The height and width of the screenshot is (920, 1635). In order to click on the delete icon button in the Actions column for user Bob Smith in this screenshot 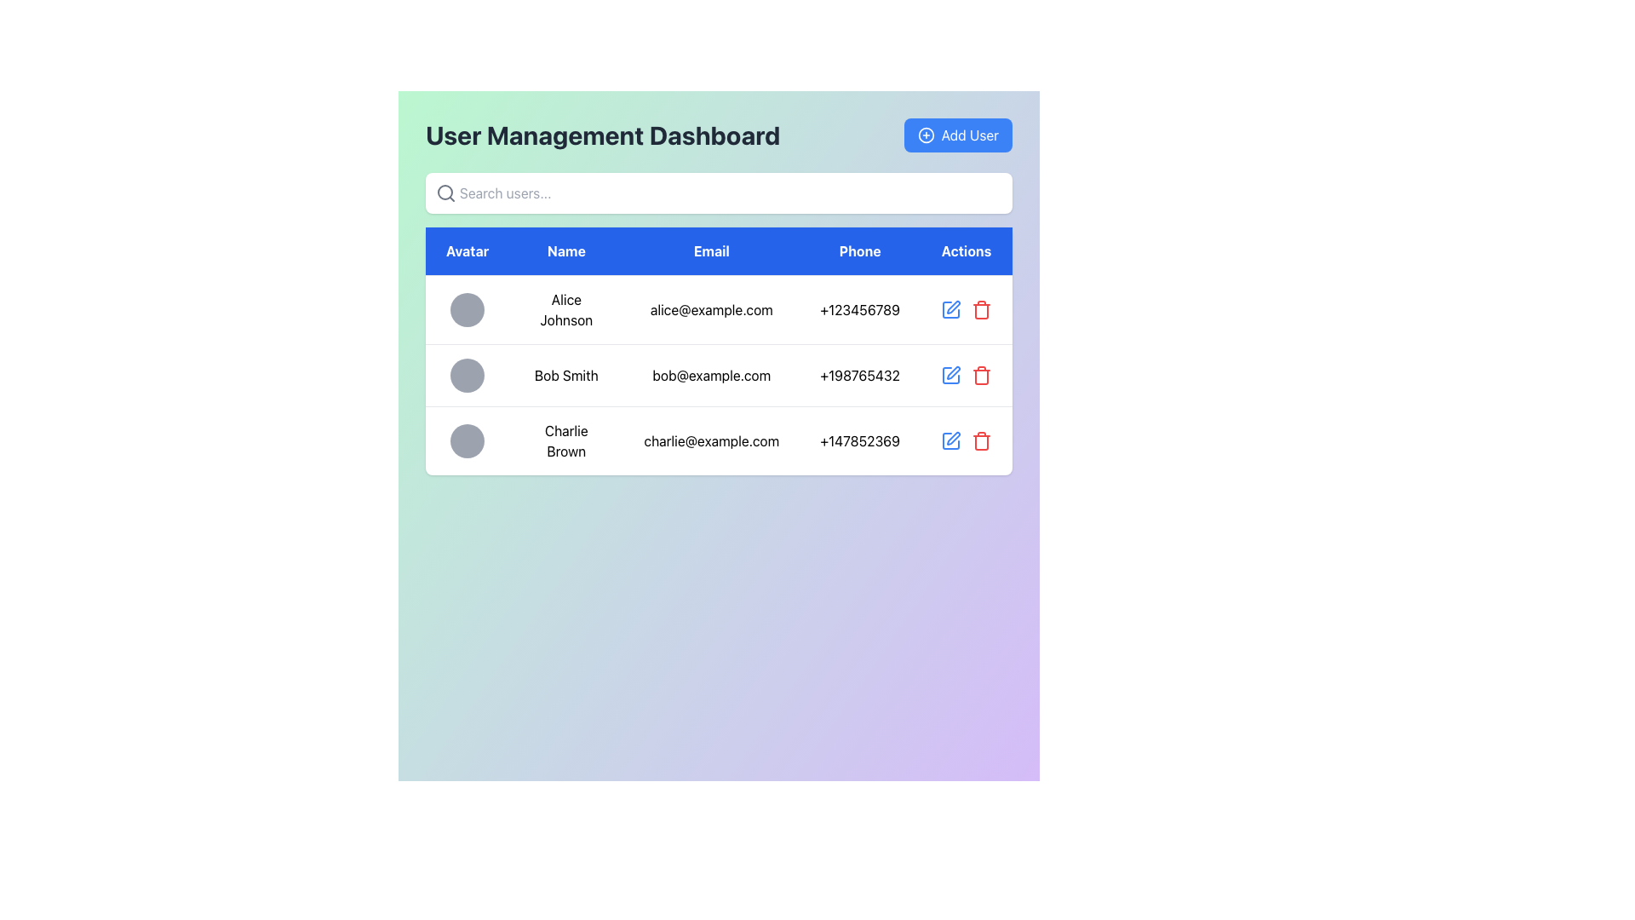, I will do `click(981, 377)`.